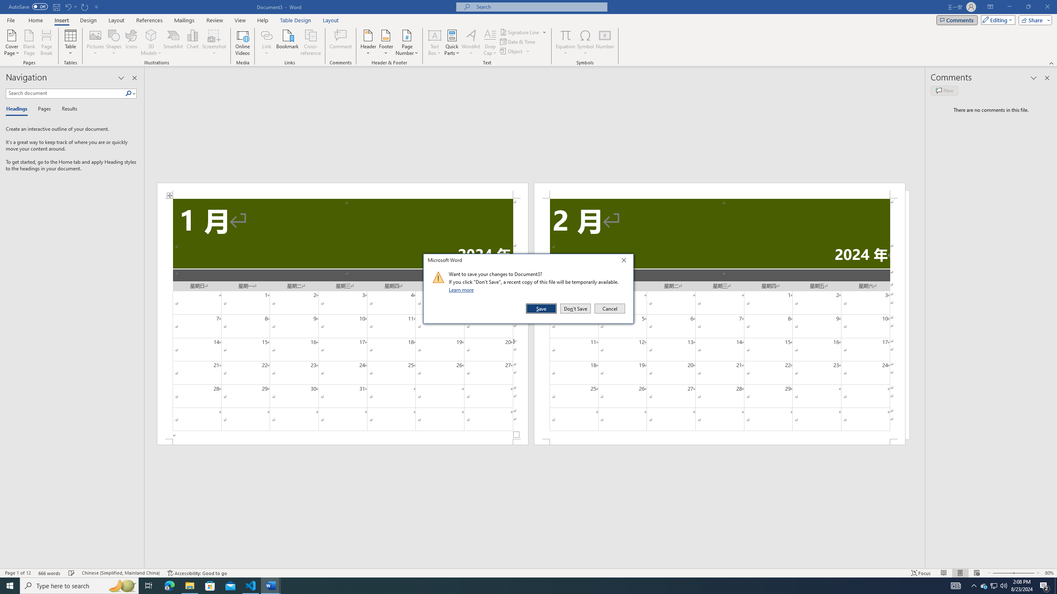  What do you see at coordinates (85, 6) in the screenshot?
I see `'Repeat Doc Close'` at bounding box center [85, 6].